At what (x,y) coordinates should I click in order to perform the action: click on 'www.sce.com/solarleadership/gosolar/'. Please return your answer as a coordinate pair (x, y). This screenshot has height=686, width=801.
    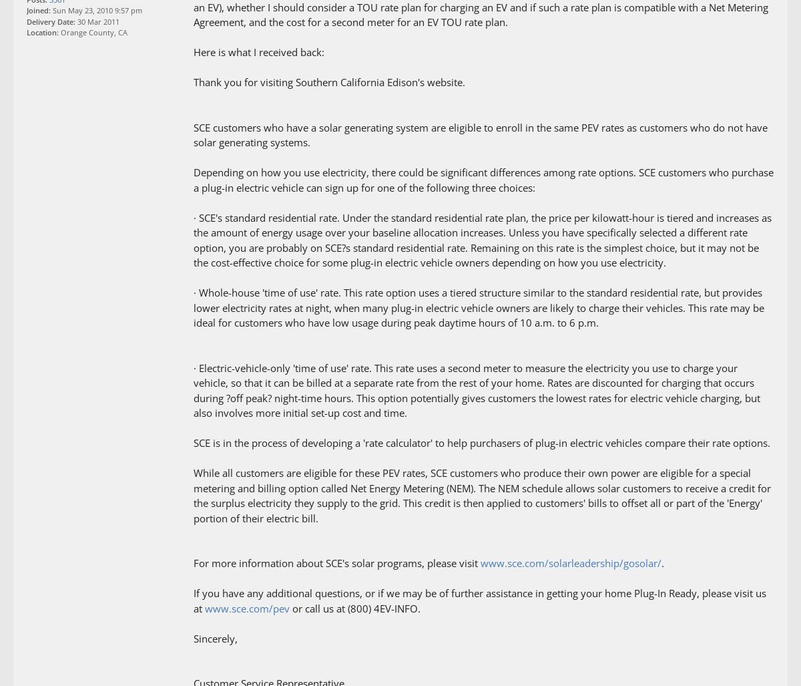
    Looking at the image, I should click on (570, 562).